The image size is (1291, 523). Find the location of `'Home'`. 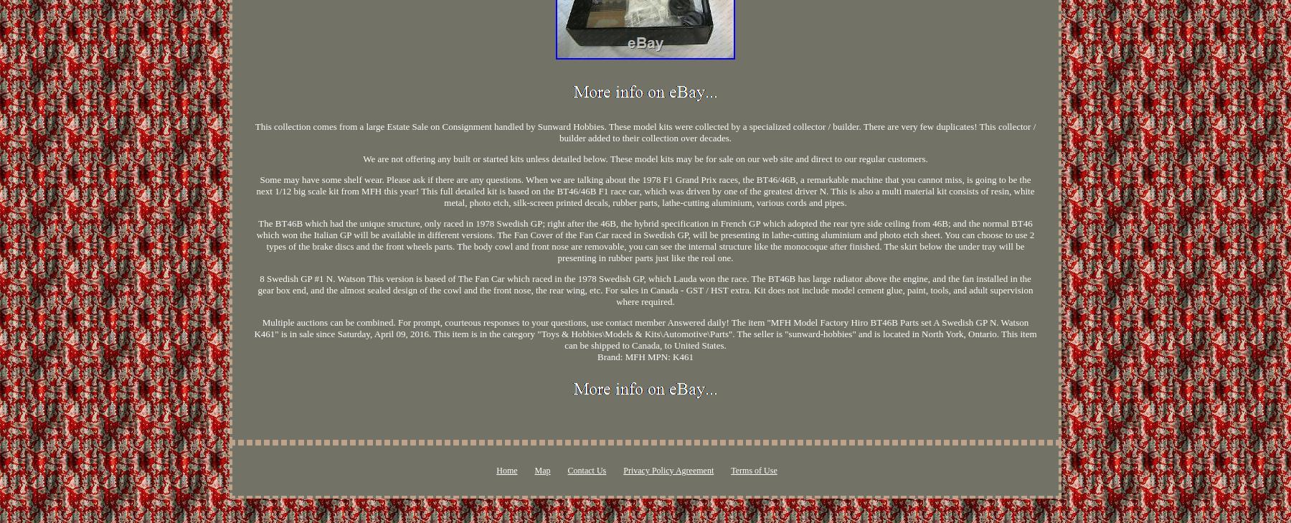

'Home' is located at coordinates (495, 470).